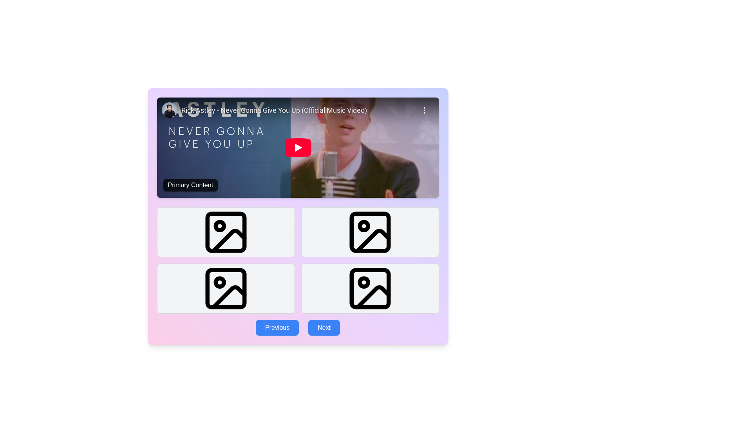 The height and width of the screenshot is (423, 752). I want to click on the decorative graphical component located in the bottom-right image icon of the grid below the video content, so click(372, 297).